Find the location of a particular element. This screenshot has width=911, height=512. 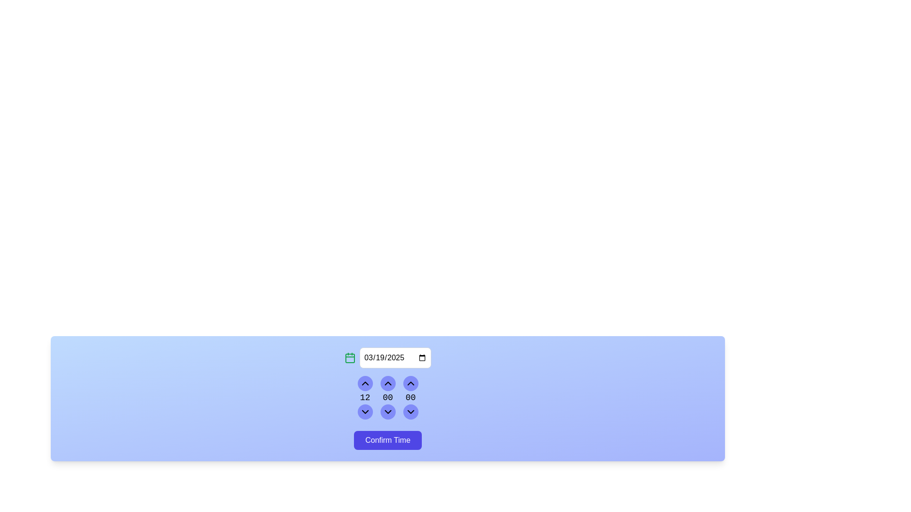

the decrement button in the middle column of the time picker to decrease the displayed time value is located at coordinates (388, 398).